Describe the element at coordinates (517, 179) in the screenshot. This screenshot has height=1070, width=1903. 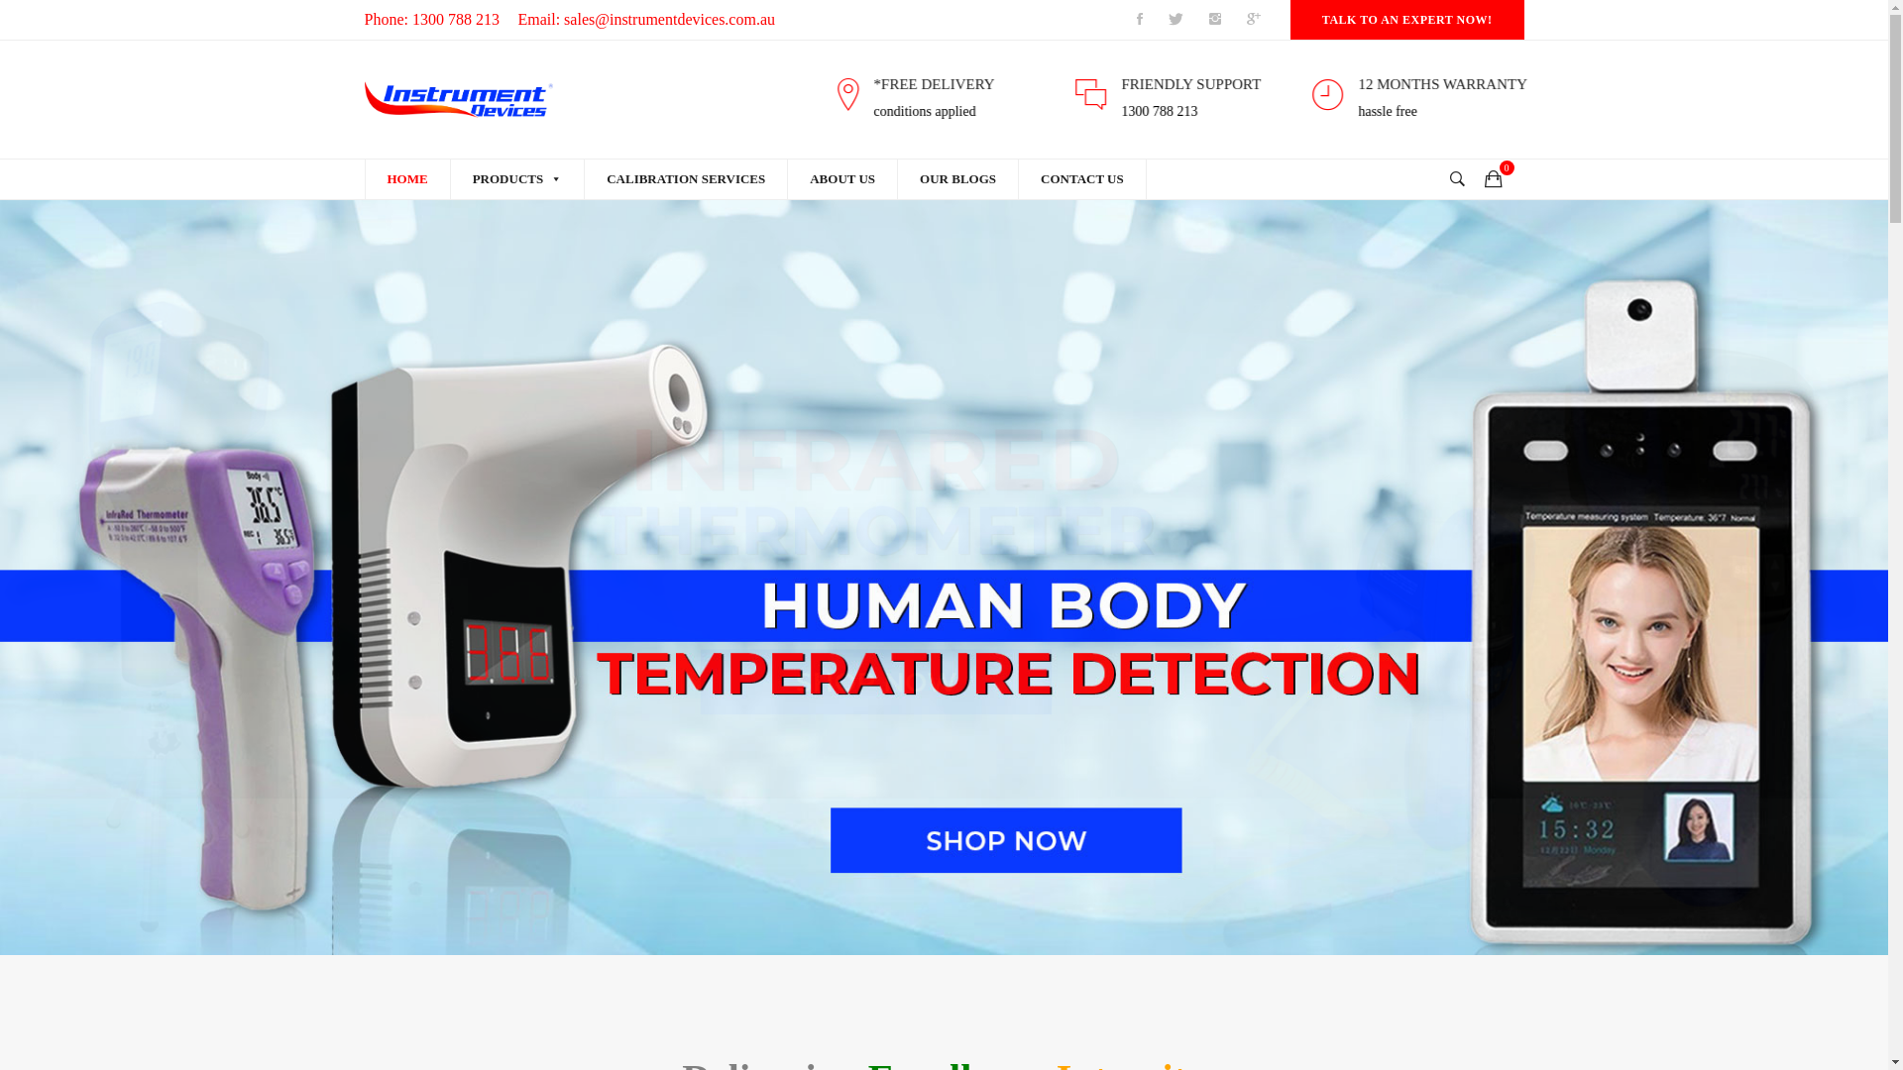
I see `'PRODUCTS'` at that location.